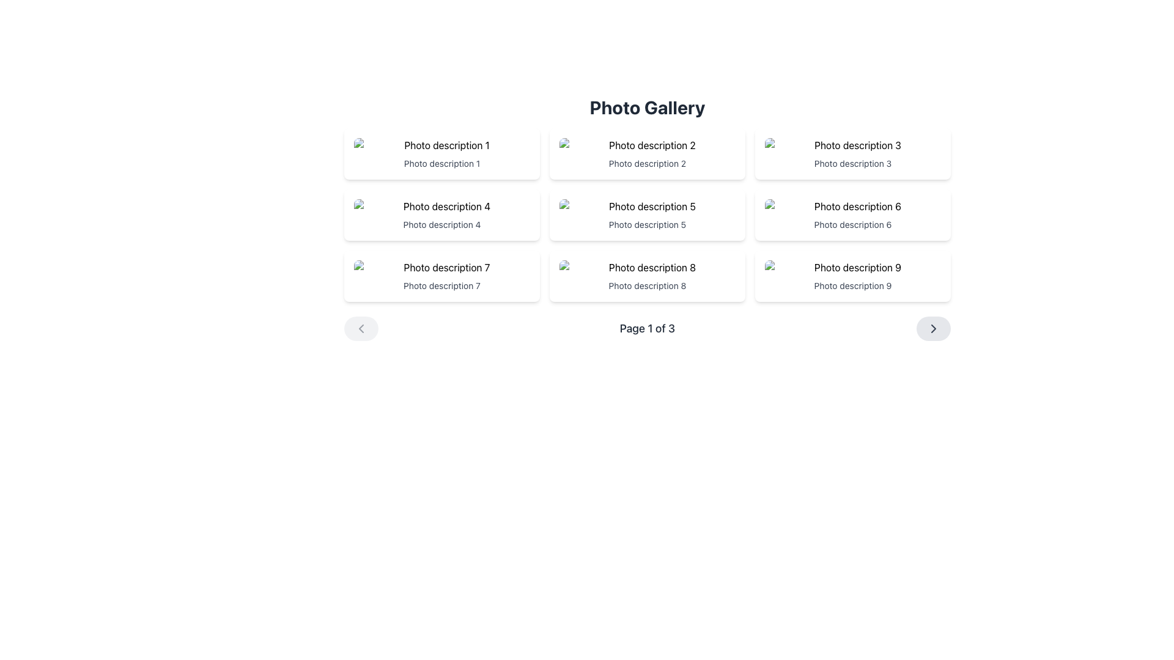  What do you see at coordinates (852, 153) in the screenshot?
I see `the rectangular card with a white background and the text 'Photo description 3', located in the first row and third column of a grid layout` at bounding box center [852, 153].